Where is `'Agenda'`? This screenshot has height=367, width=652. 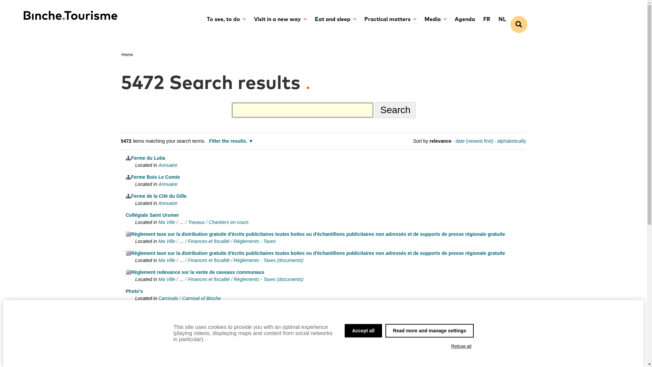 'Agenda' is located at coordinates (464, 19).